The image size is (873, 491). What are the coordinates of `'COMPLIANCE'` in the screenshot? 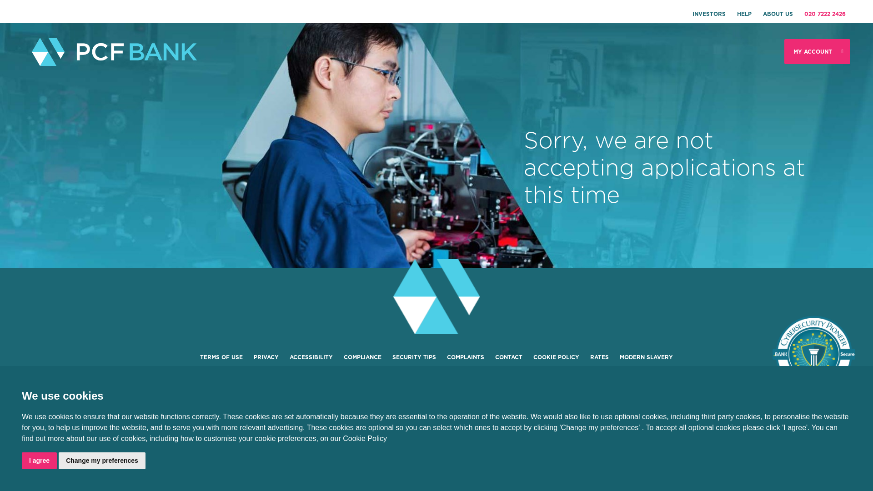 It's located at (362, 357).